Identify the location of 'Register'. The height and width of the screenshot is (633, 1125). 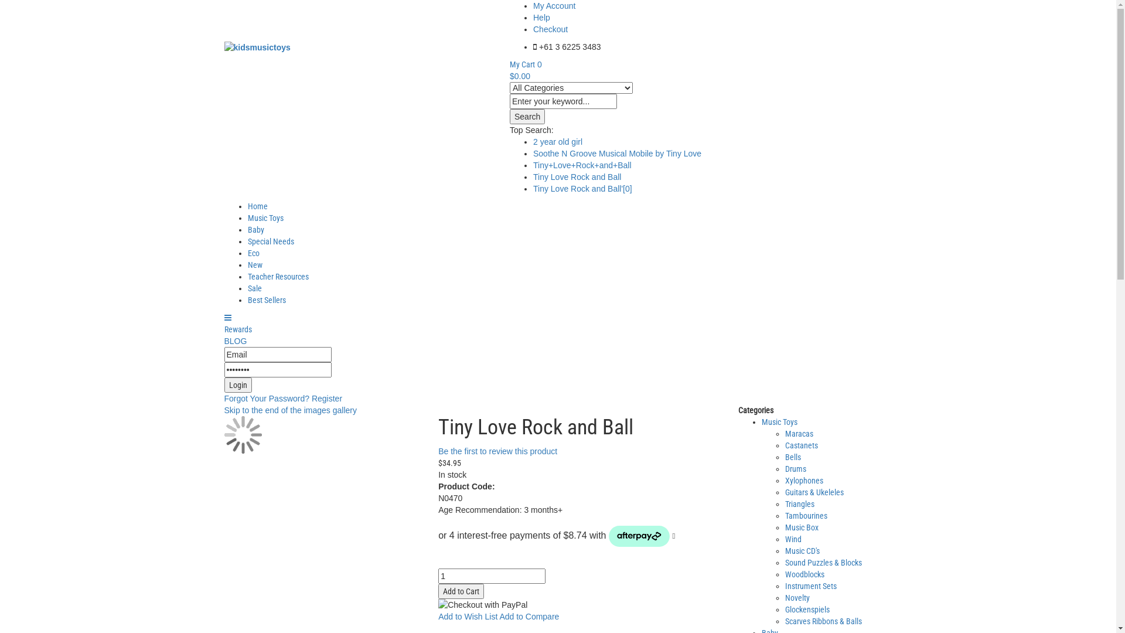
(312, 397).